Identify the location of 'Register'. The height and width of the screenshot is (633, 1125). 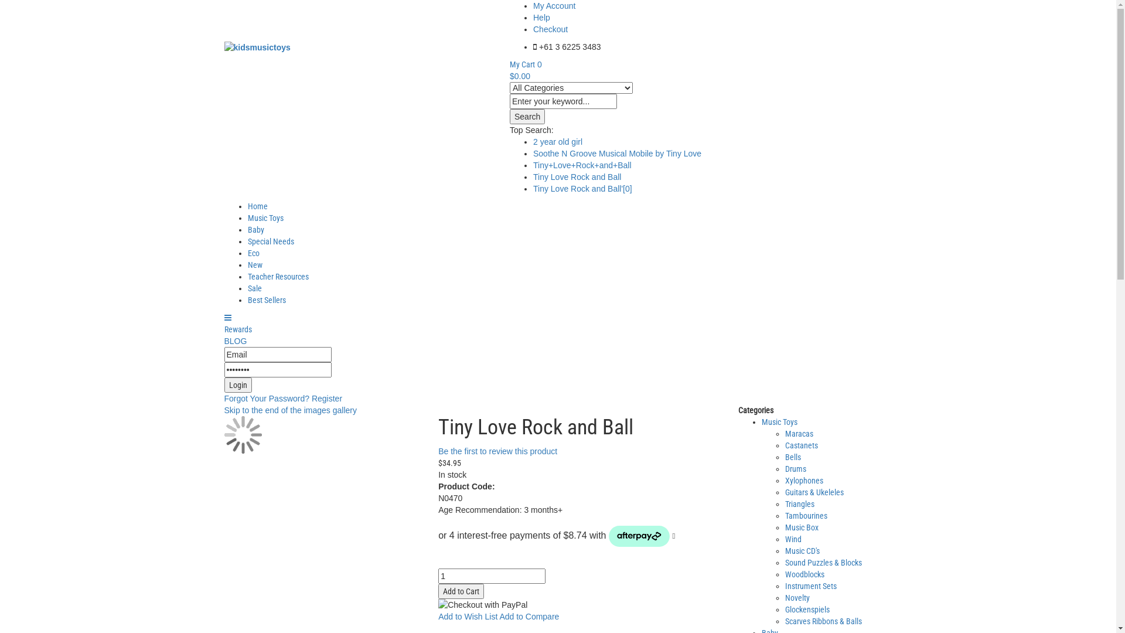
(312, 397).